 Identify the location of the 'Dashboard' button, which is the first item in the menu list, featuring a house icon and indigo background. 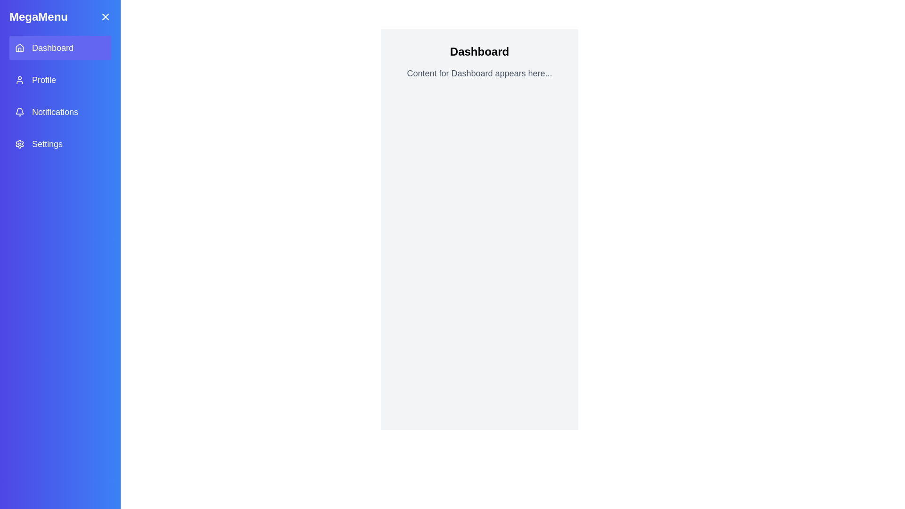
(60, 48).